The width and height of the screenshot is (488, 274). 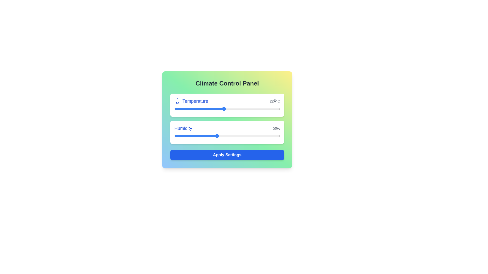 What do you see at coordinates (266, 108) in the screenshot?
I see `the temperature` at bounding box center [266, 108].